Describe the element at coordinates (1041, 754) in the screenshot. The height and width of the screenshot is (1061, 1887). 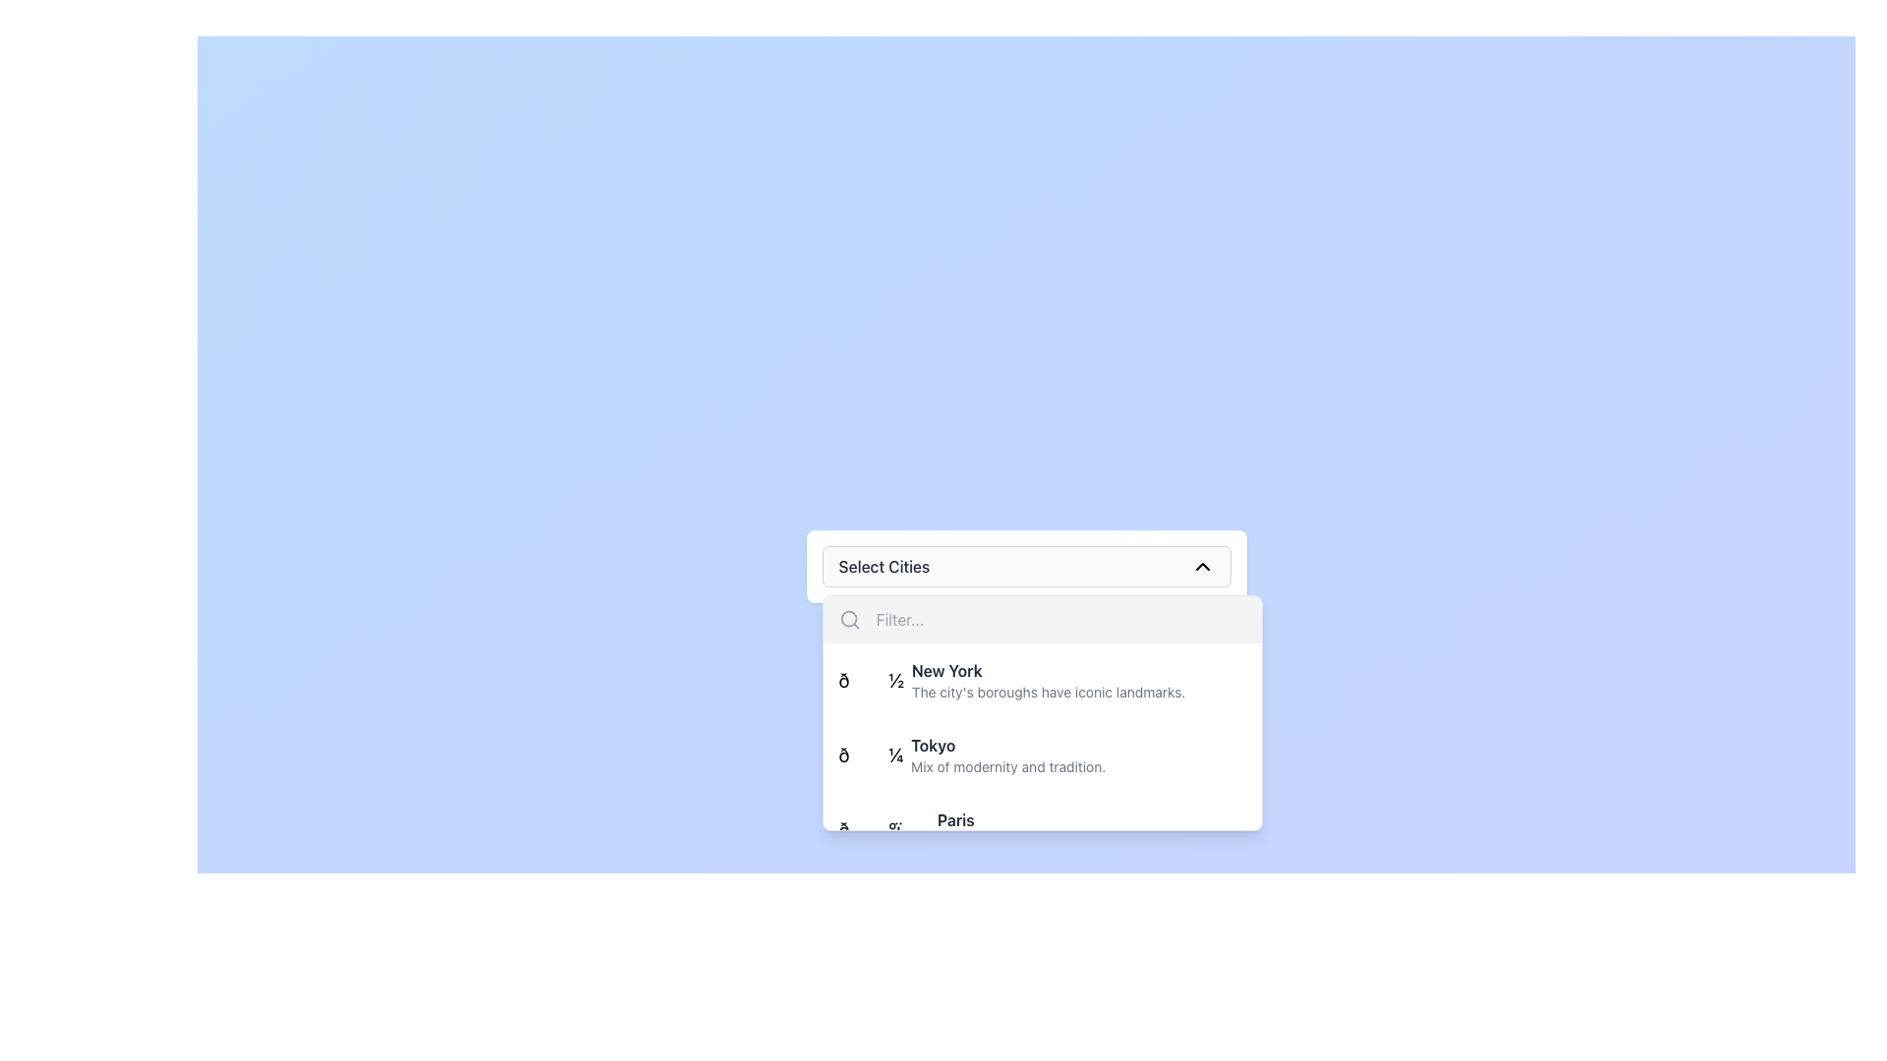
I see `the second list item in the dropdown menu labeled 'Tokyo'` at that location.